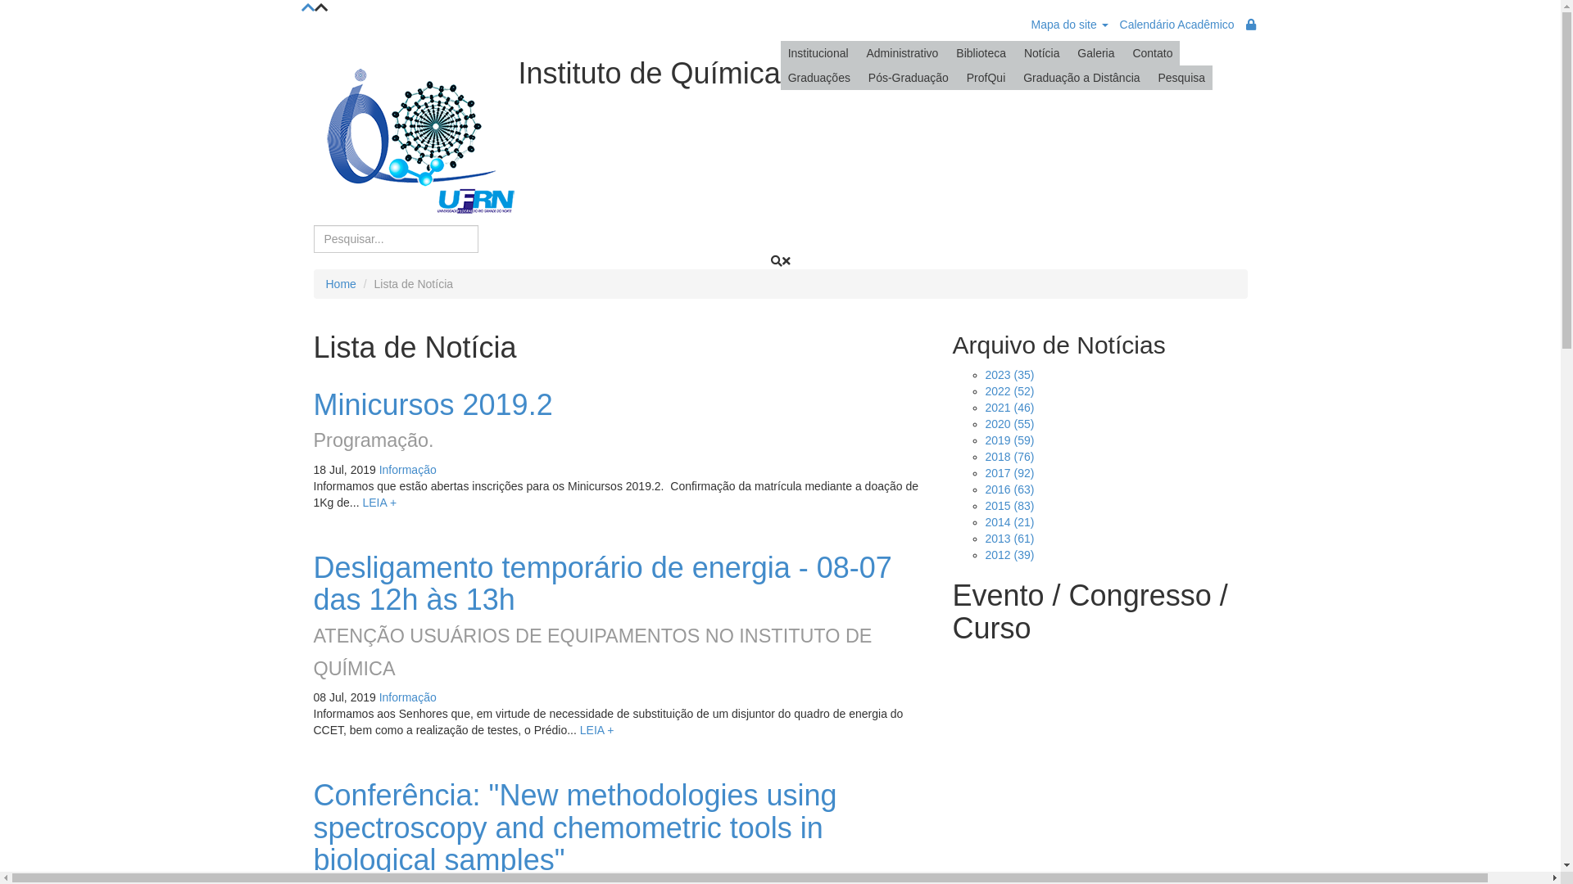 Image resolution: width=1573 pixels, height=884 pixels. I want to click on '2014 (21)', so click(1009, 521).